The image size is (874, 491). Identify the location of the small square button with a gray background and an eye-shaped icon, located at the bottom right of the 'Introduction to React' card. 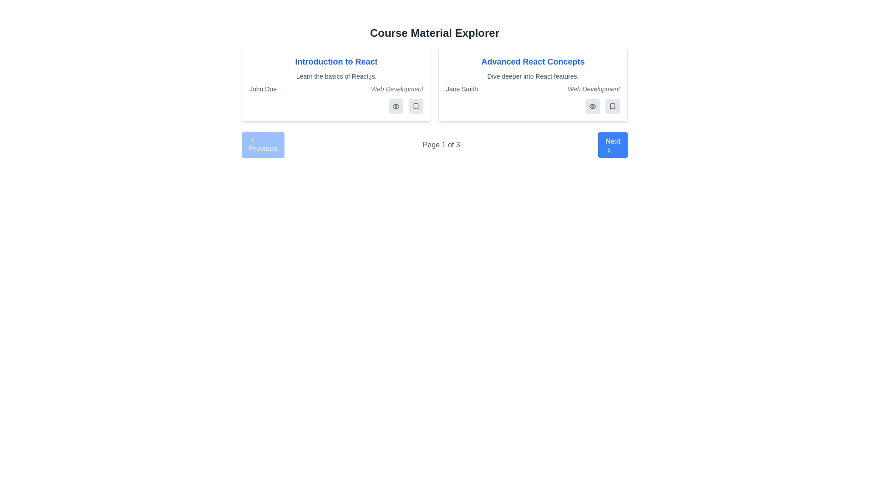
(396, 106).